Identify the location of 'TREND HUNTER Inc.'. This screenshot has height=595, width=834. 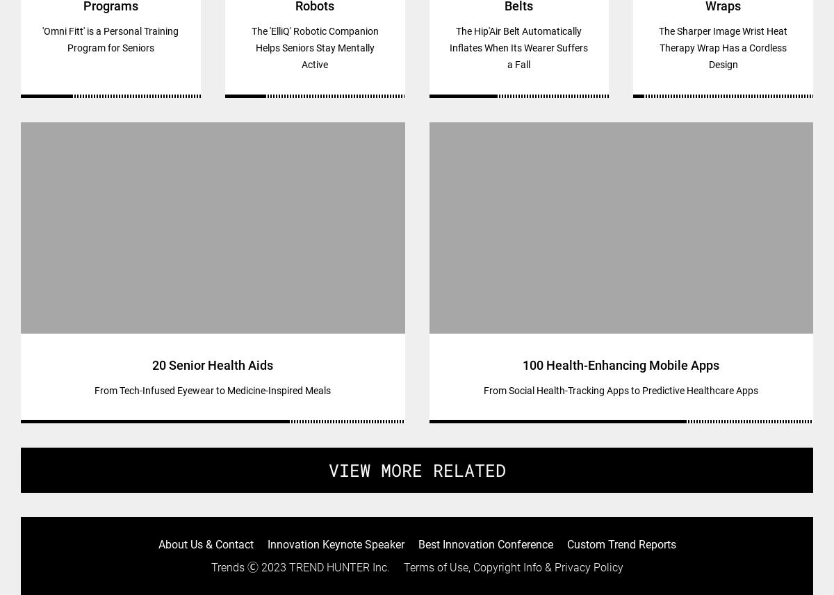
(288, 567).